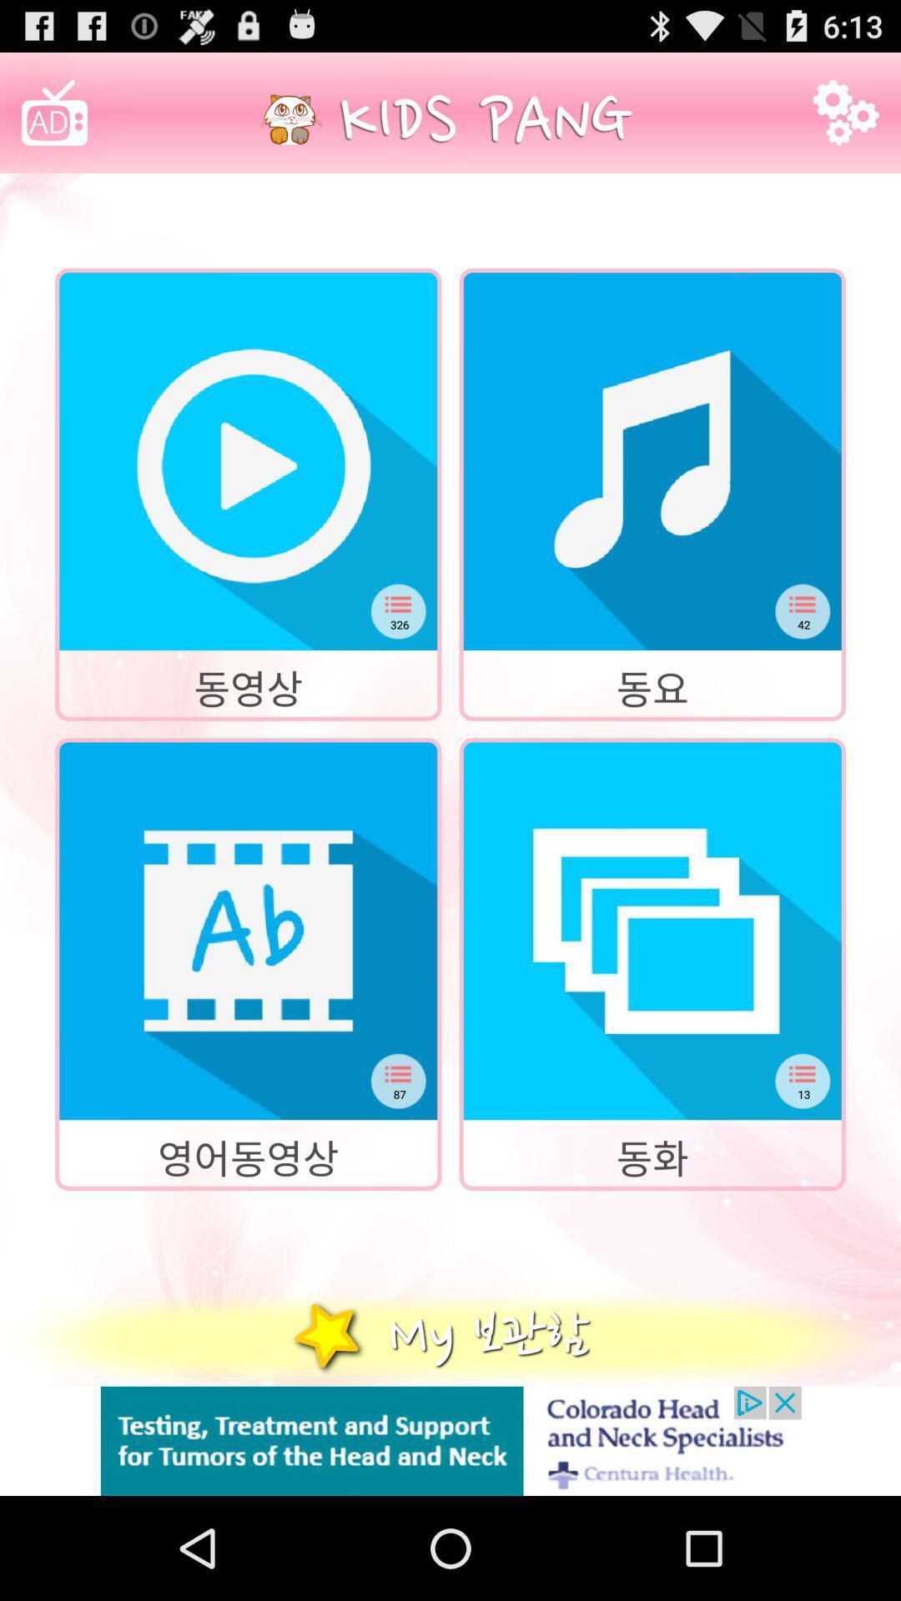 Image resolution: width=901 pixels, height=1601 pixels. I want to click on image with ad at top left corner, so click(53, 112).